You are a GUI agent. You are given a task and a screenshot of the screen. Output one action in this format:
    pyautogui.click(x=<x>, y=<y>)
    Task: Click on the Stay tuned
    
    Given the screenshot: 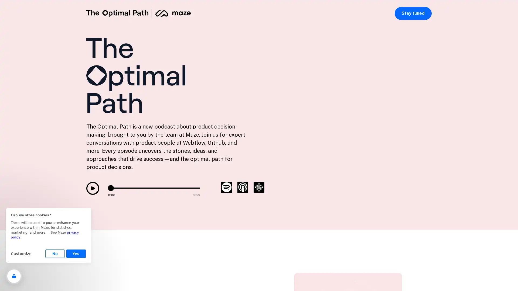 What is the action you would take?
    pyautogui.click(x=413, y=13)
    